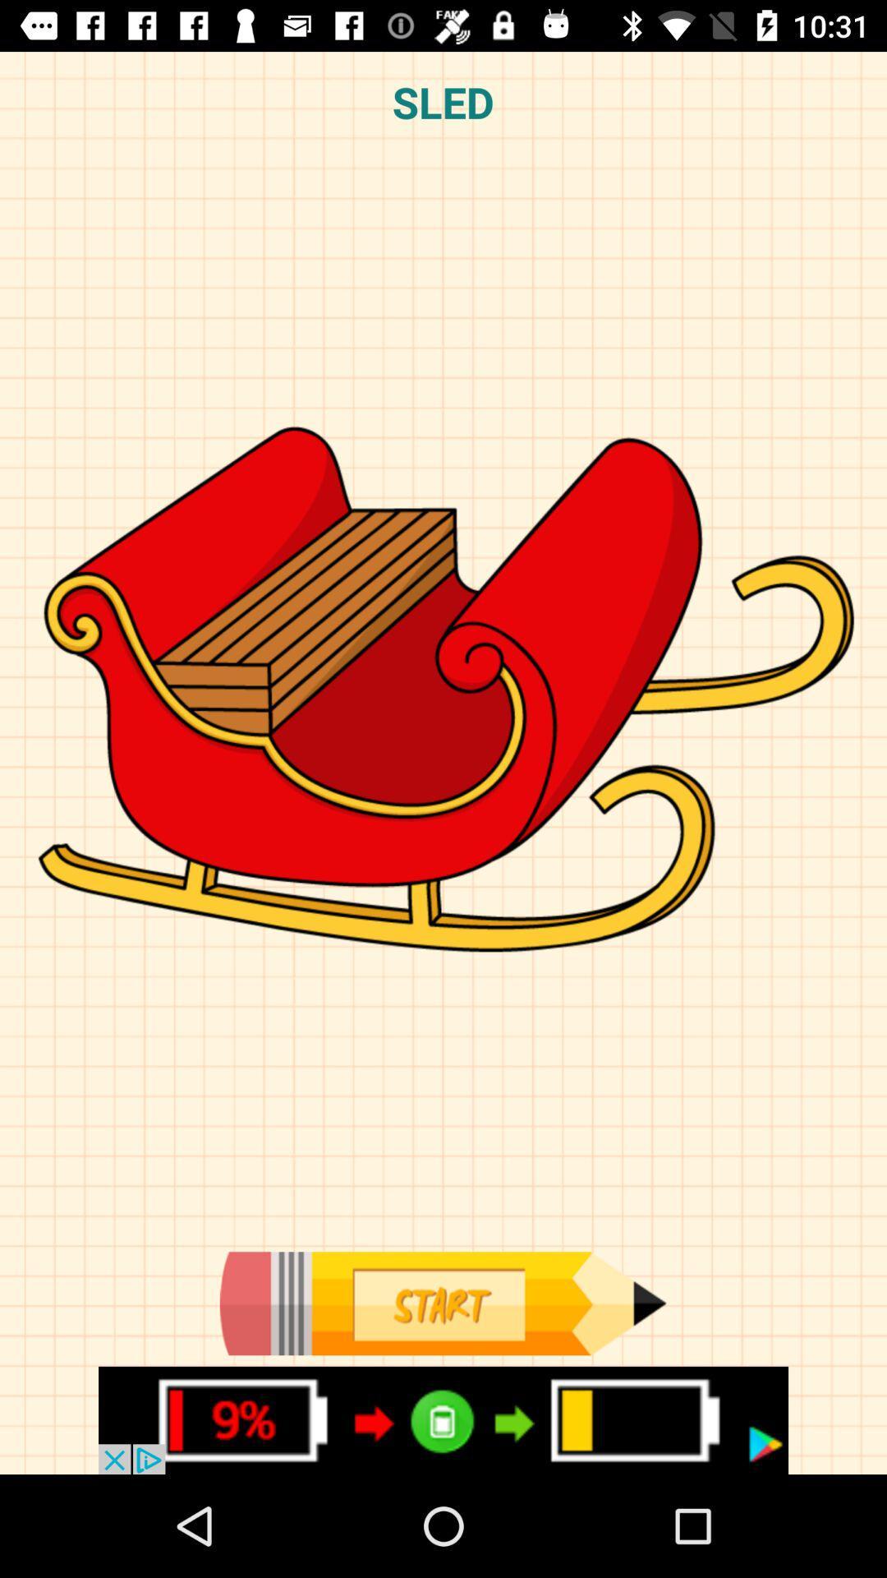 The width and height of the screenshot is (887, 1578). What do you see at coordinates (443, 1419) in the screenshot?
I see `details` at bounding box center [443, 1419].